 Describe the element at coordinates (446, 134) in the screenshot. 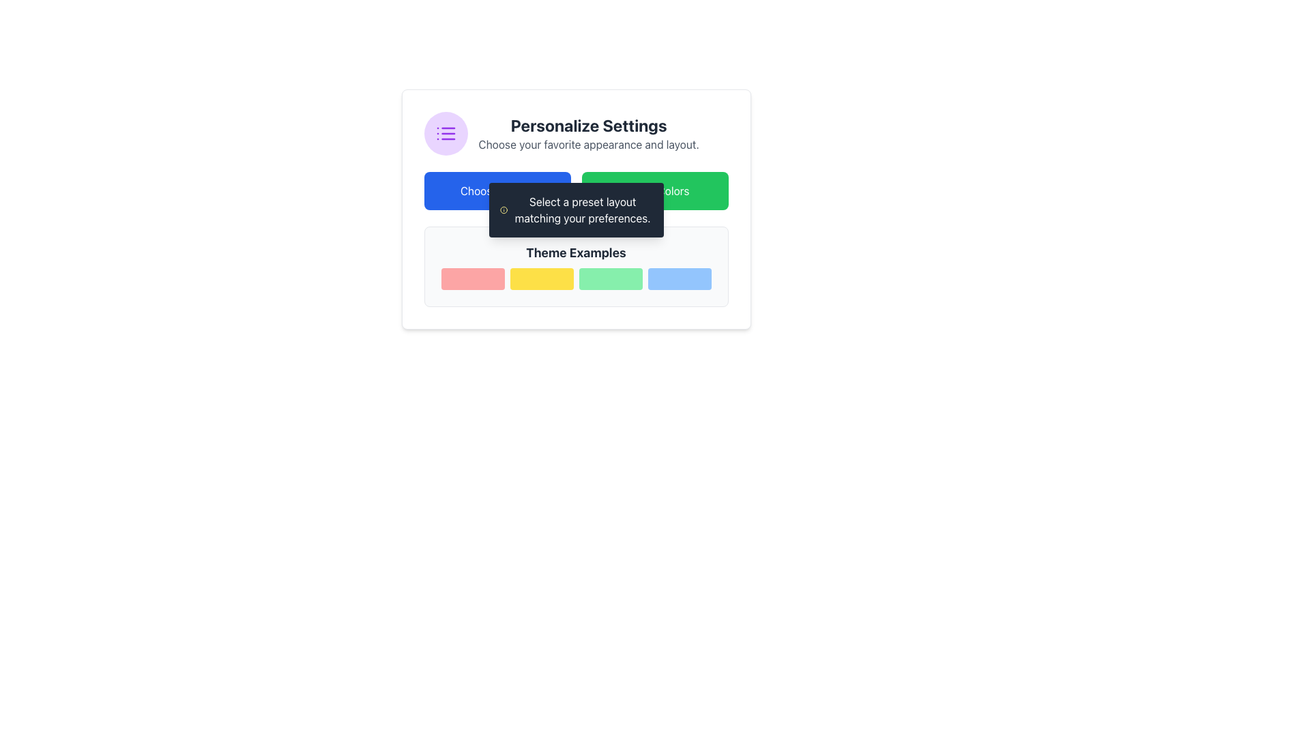

I see `the layout management icon located within the 'Personalize Settings' card, positioned to the left of the heading text` at that location.